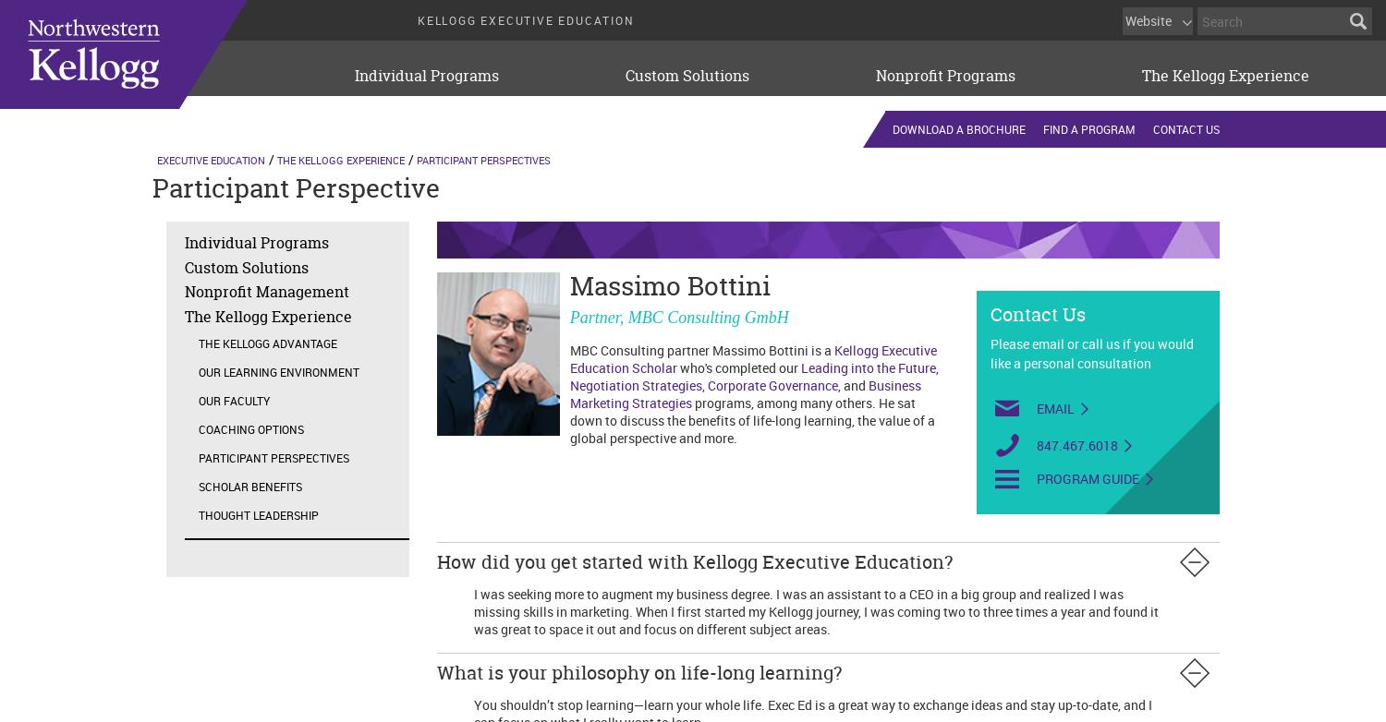 This screenshot has width=1386, height=722. What do you see at coordinates (1127, 131) in the screenshot?
I see `'Join Mailing List'` at bounding box center [1127, 131].